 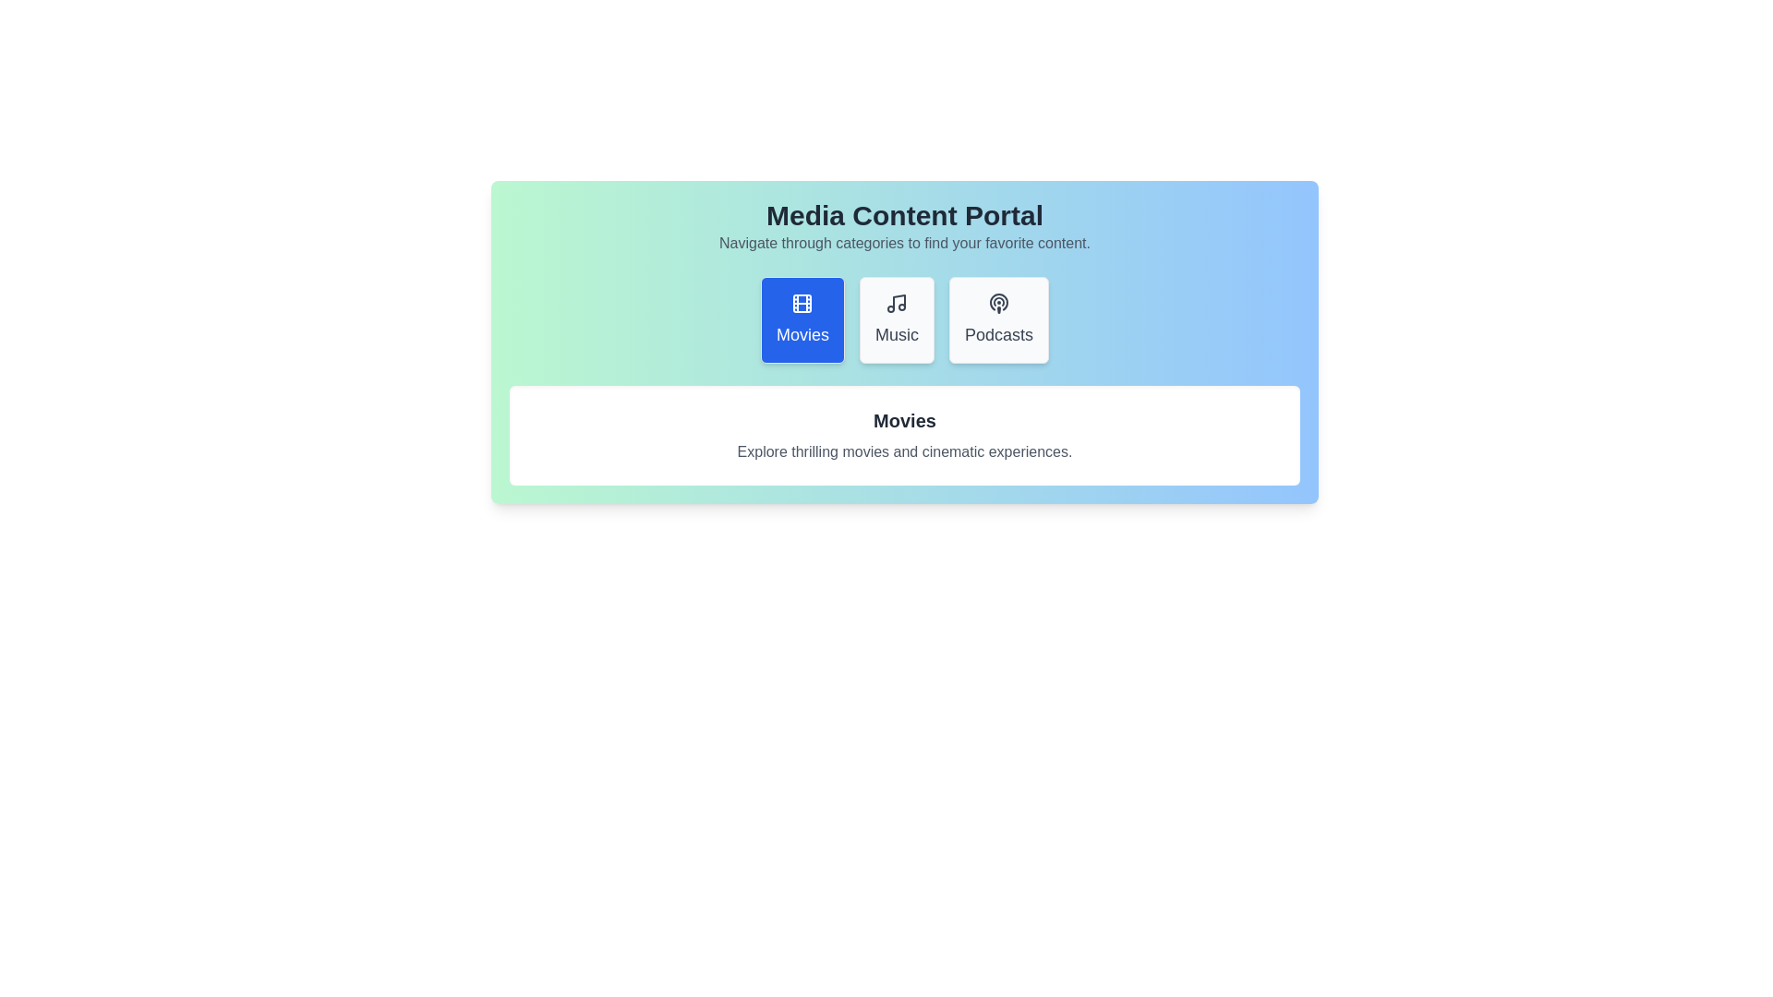 I want to click on the button labeled Podcasts, so click(x=997, y=319).